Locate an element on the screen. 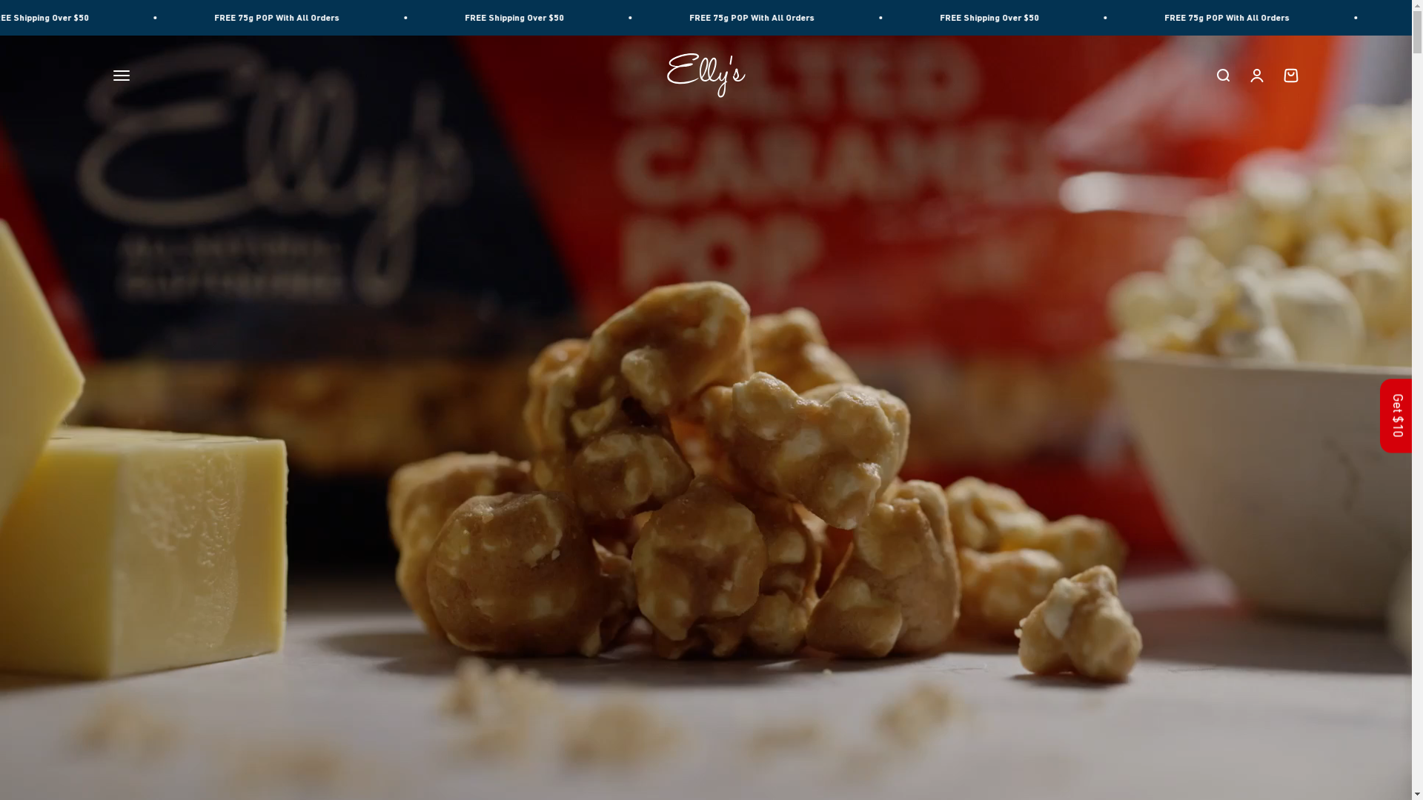 This screenshot has height=800, width=1423. 'Open cart is located at coordinates (1290, 75).